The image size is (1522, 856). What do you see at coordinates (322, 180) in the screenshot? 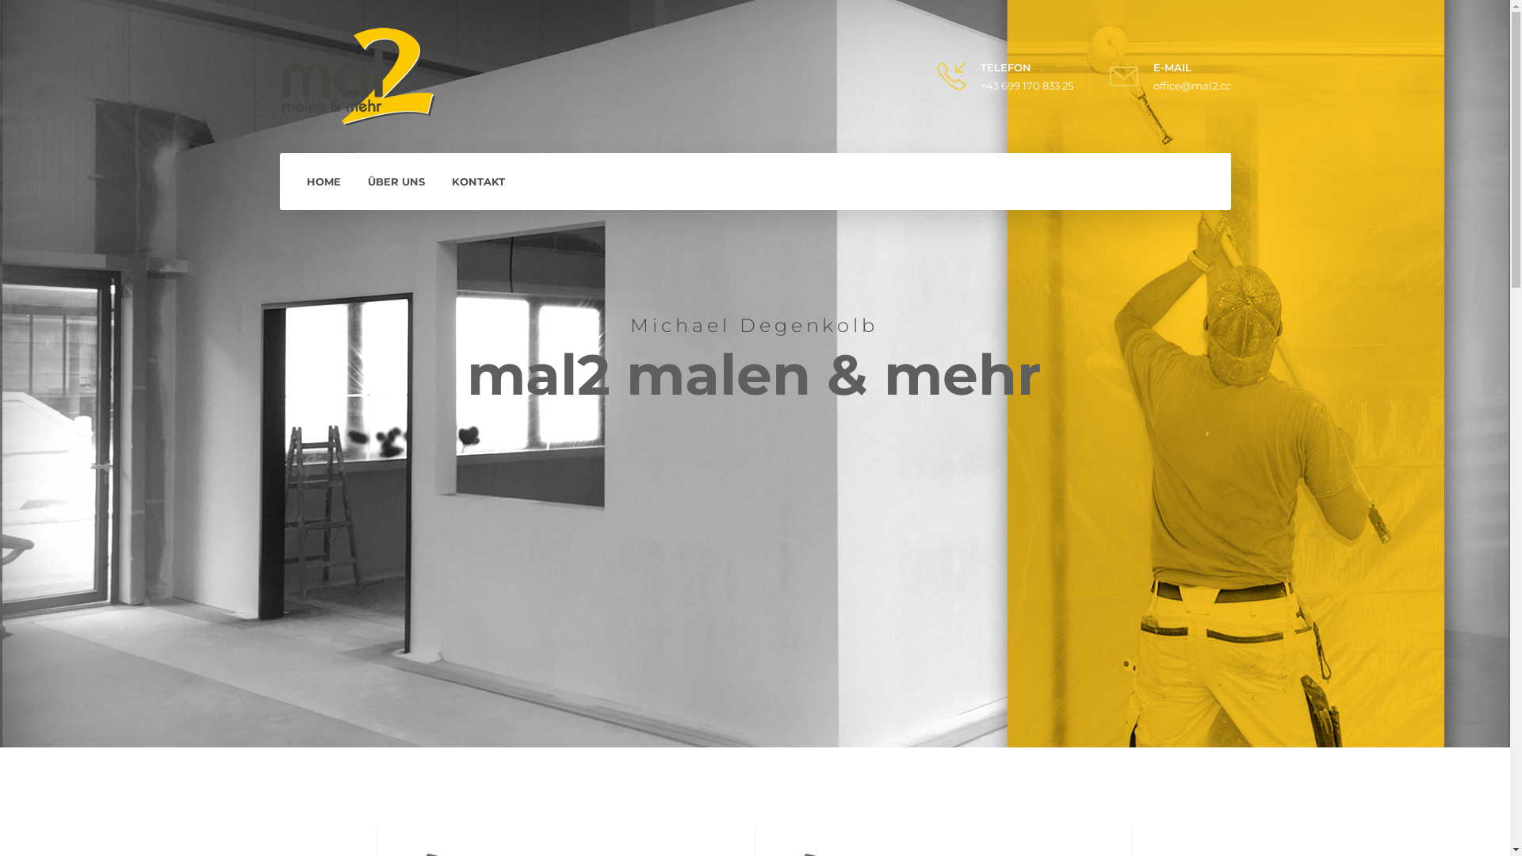
I see `'HOME'` at bounding box center [322, 180].